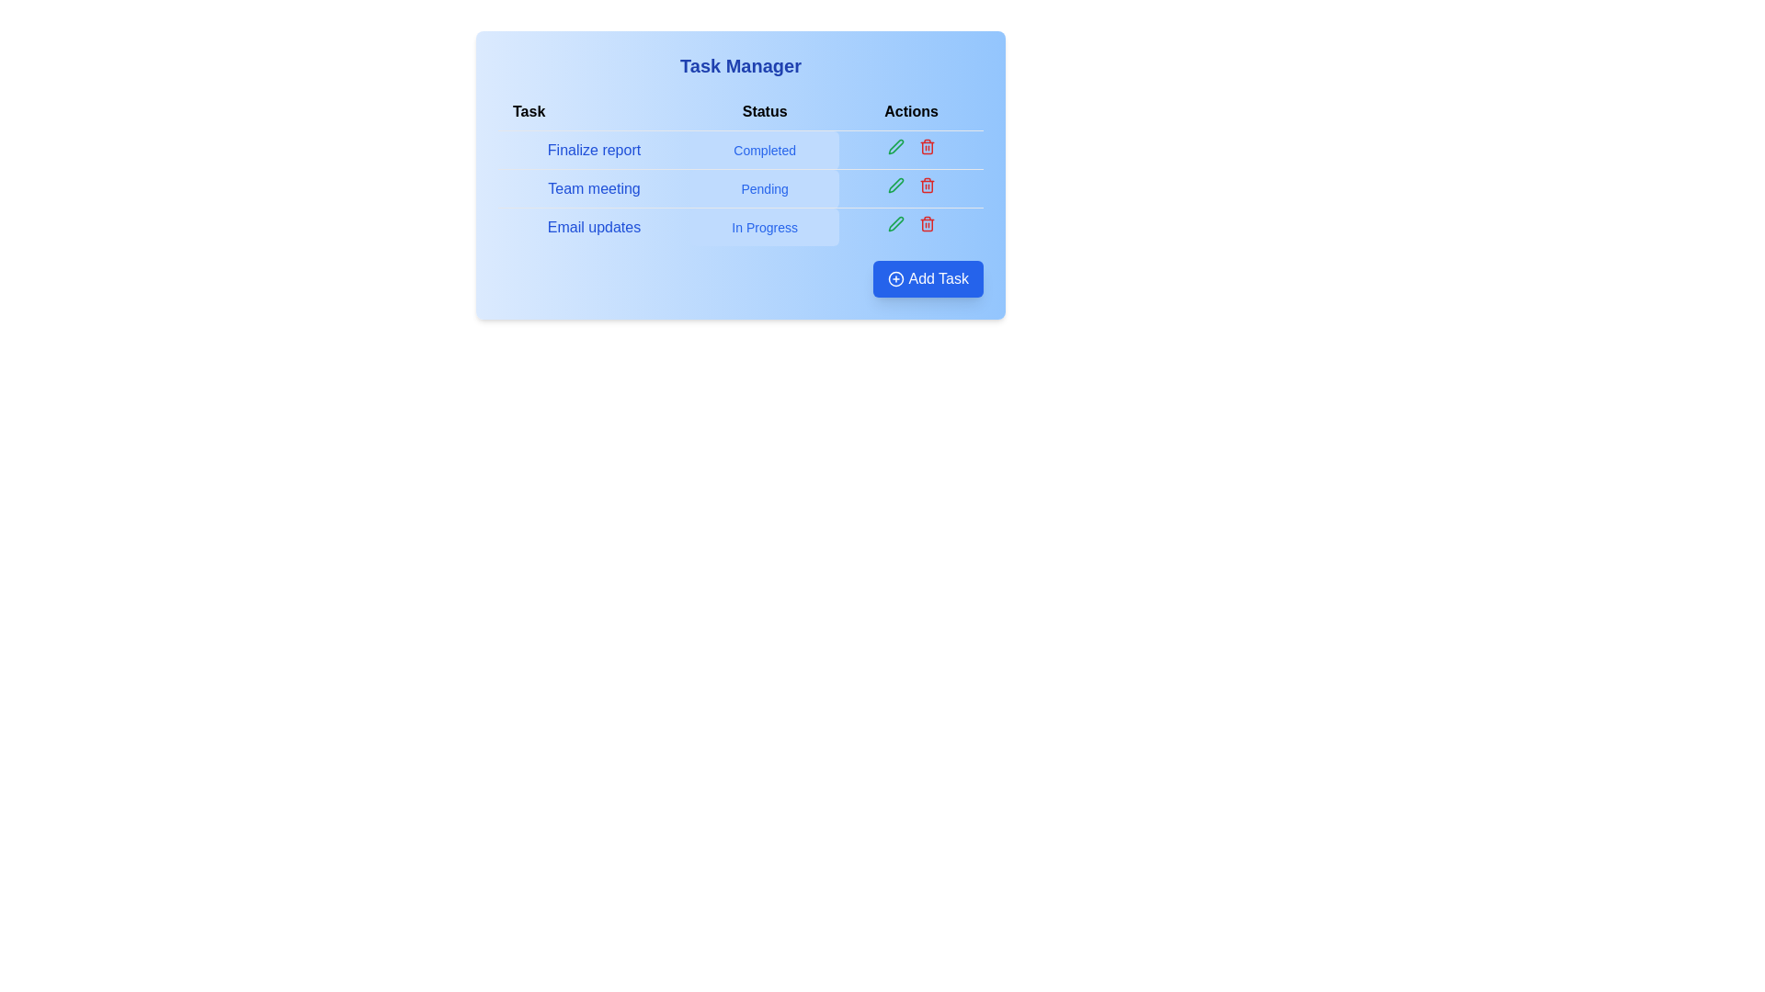  I want to click on the edit button for the task titled 'Finalize report', so click(895, 145).